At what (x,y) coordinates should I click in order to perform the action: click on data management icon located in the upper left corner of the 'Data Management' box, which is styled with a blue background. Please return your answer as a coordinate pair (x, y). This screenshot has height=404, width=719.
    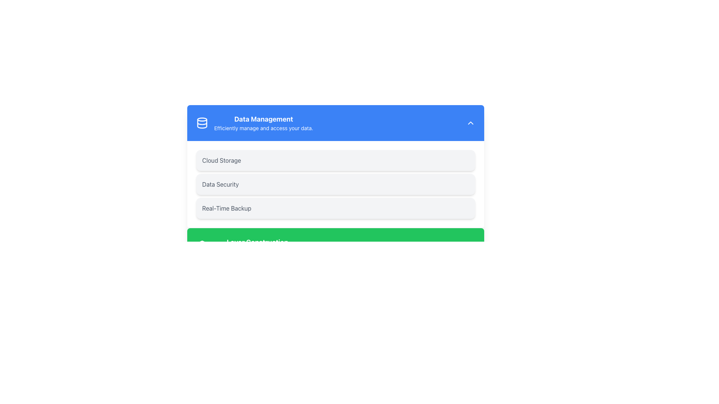
    Looking at the image, I should click on (202, 122).